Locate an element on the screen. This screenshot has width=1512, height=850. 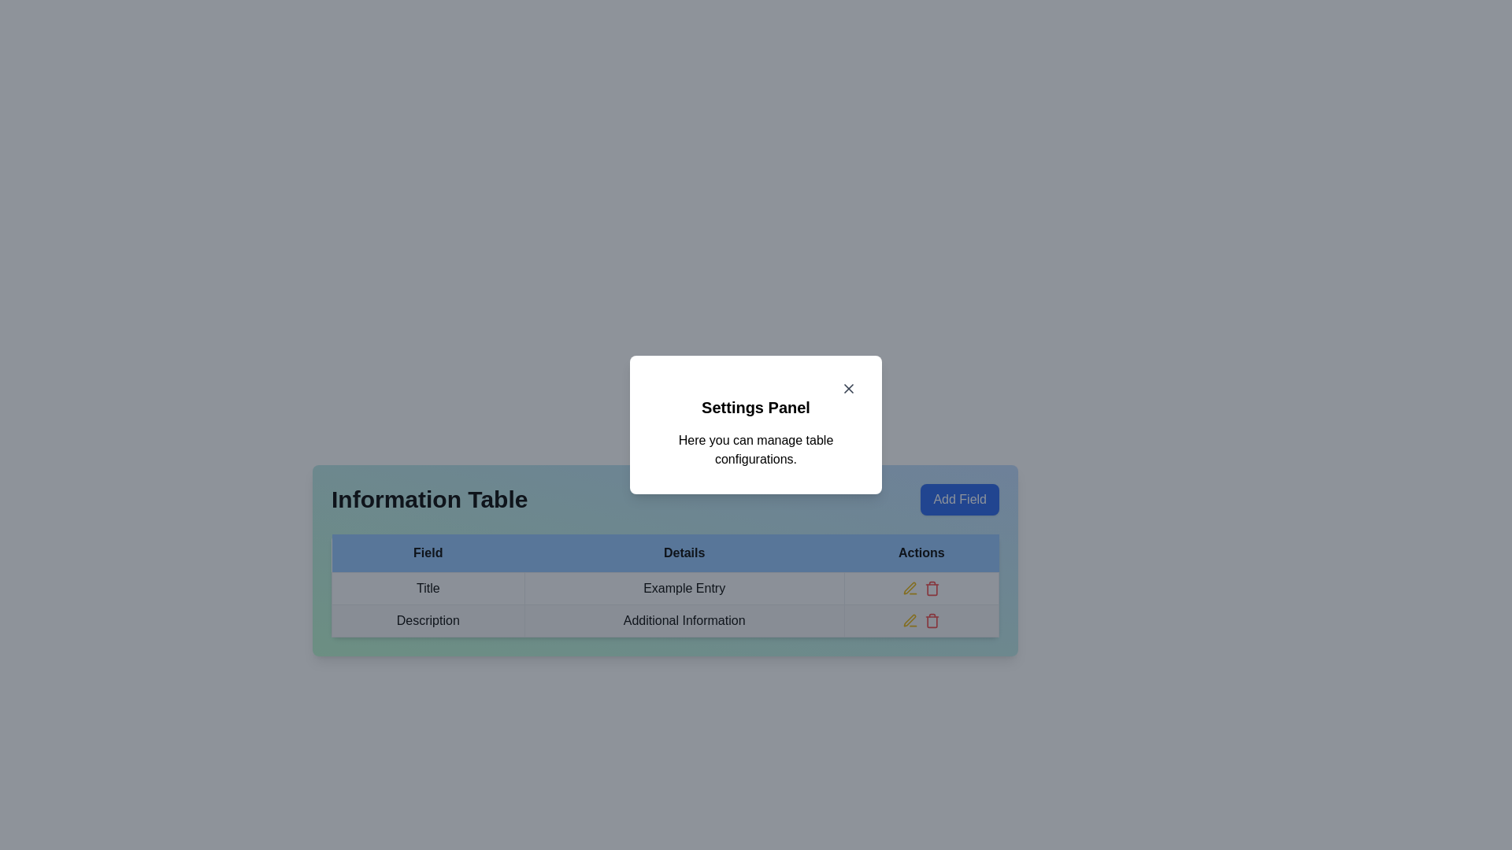
the delete icon button located in the Actions column of the first row in the table is located at coordinates (932, 589).